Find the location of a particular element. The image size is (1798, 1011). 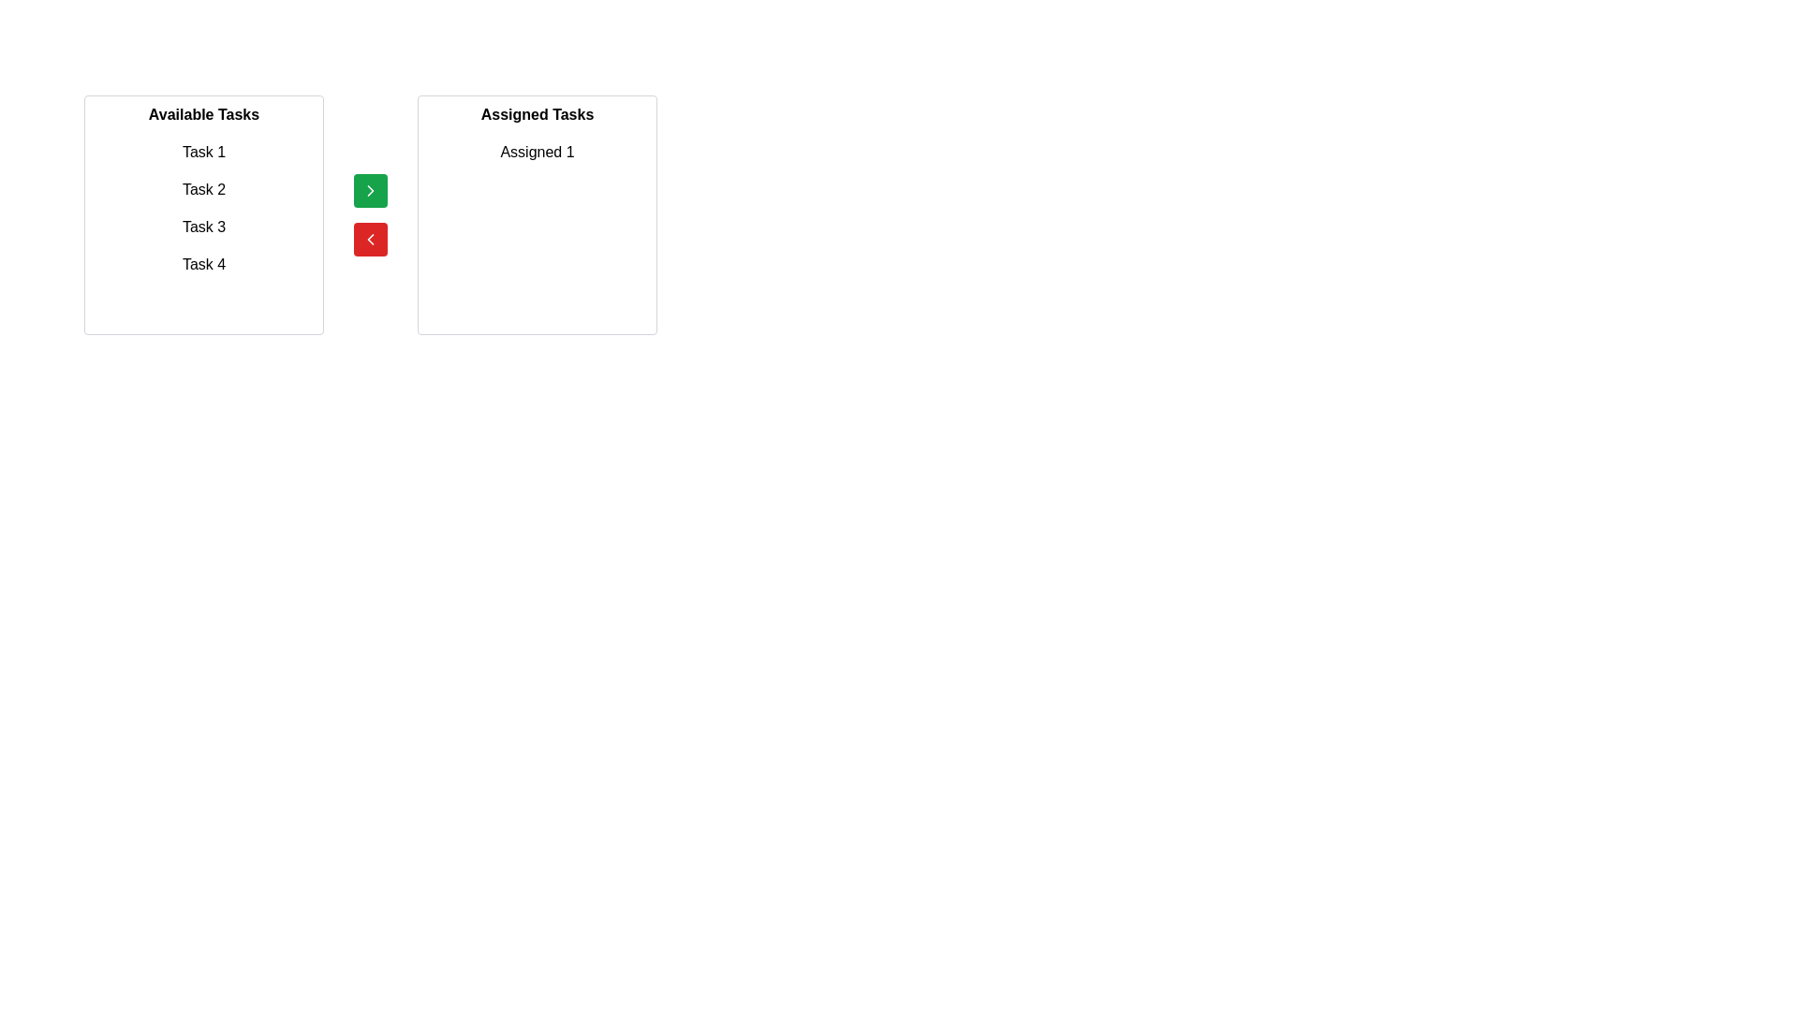

the green square button with a right-pointing chevron icon, positioned at the top of the button pair between 'Available Tasks' and 'Assigned Tasks' is located at coordinates (370, 191).